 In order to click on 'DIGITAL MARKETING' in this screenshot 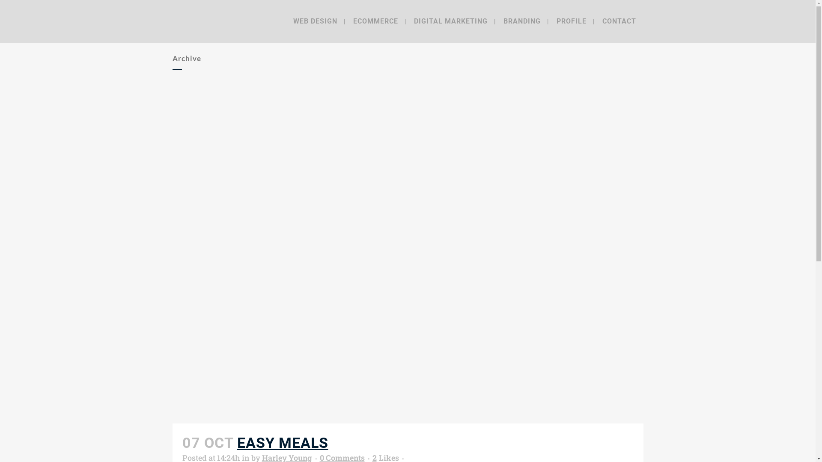, I will do `click(450, 21)`.